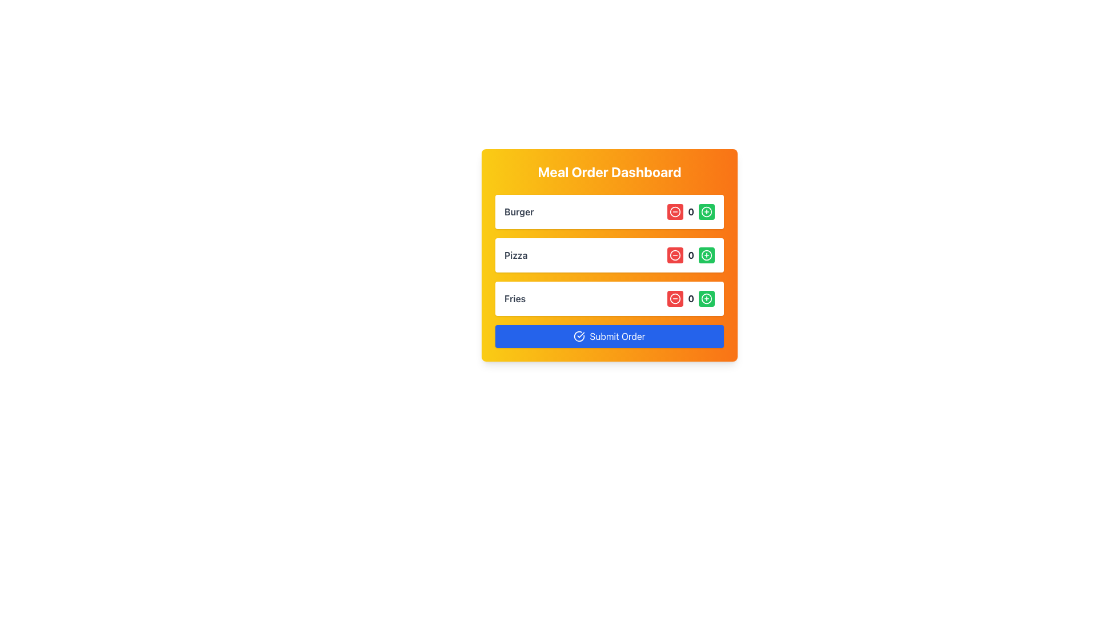  What do you see at coordinates (690, 255) in the screenshot?
I see `the static text display that shows a numeric value, centrally positioned between a red circular minus button and a green circular plus button` at bounding box center [690, 255].